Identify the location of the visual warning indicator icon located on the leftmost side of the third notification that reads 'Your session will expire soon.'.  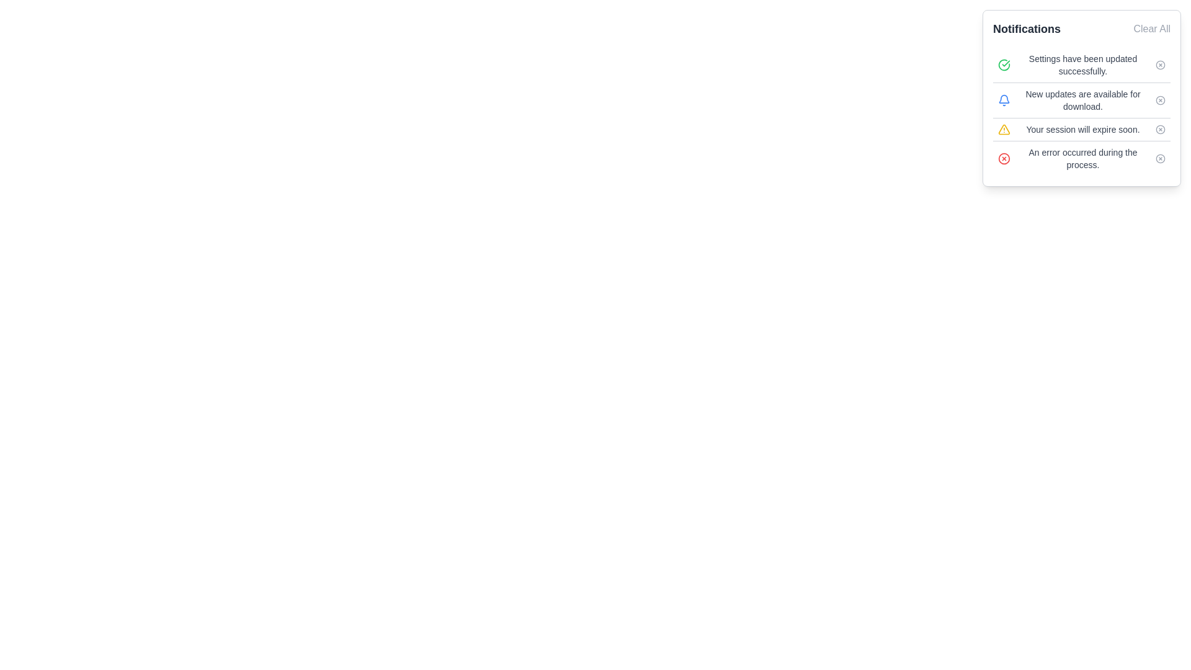
(1004, 129).